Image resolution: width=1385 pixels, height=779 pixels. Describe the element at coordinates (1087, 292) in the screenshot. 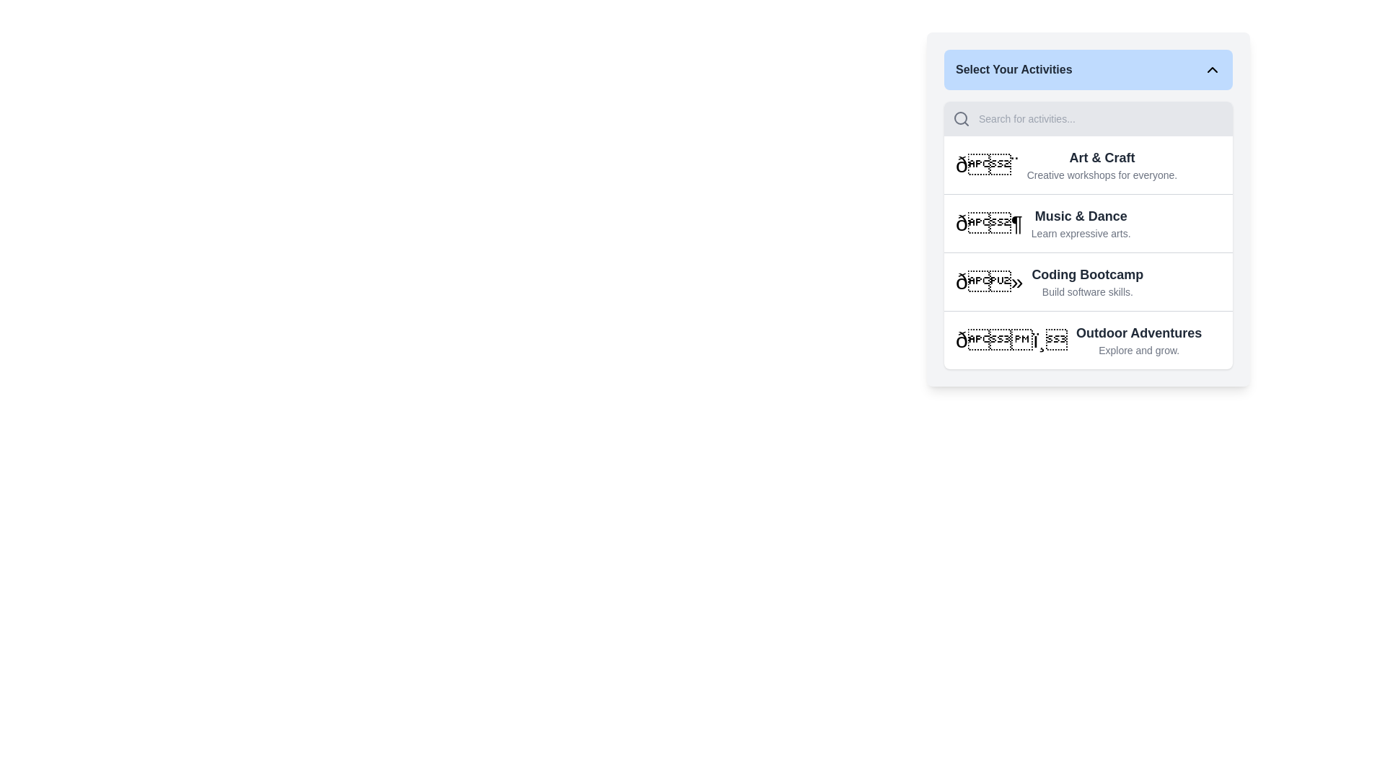

I see `the descriptive text label that provides details about the 'Coding Bootcamp' option, located directly below the 'Coding Bootcamp' heading` at that location.